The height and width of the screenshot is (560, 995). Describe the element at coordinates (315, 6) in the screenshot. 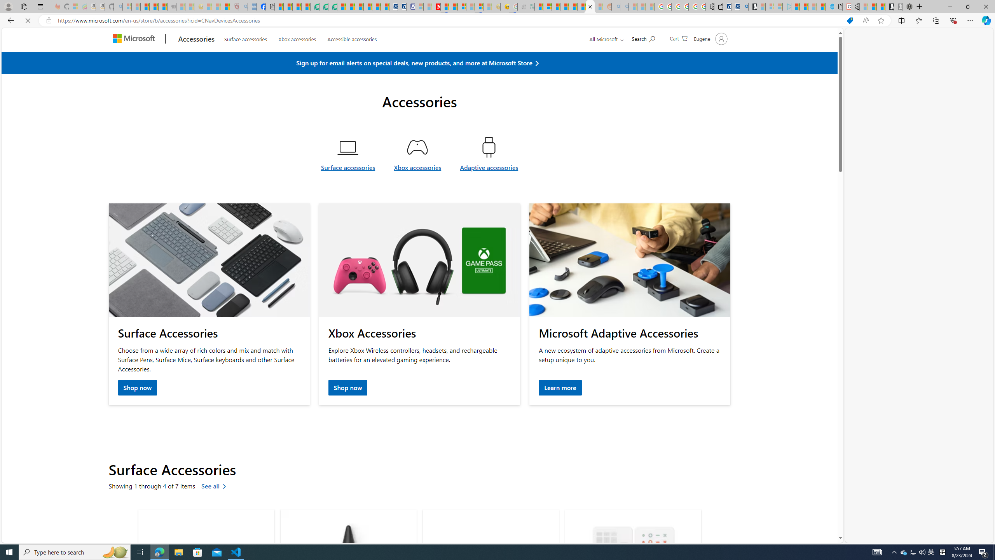

I see `'LendingTree - Compare Lenders'` at that location.